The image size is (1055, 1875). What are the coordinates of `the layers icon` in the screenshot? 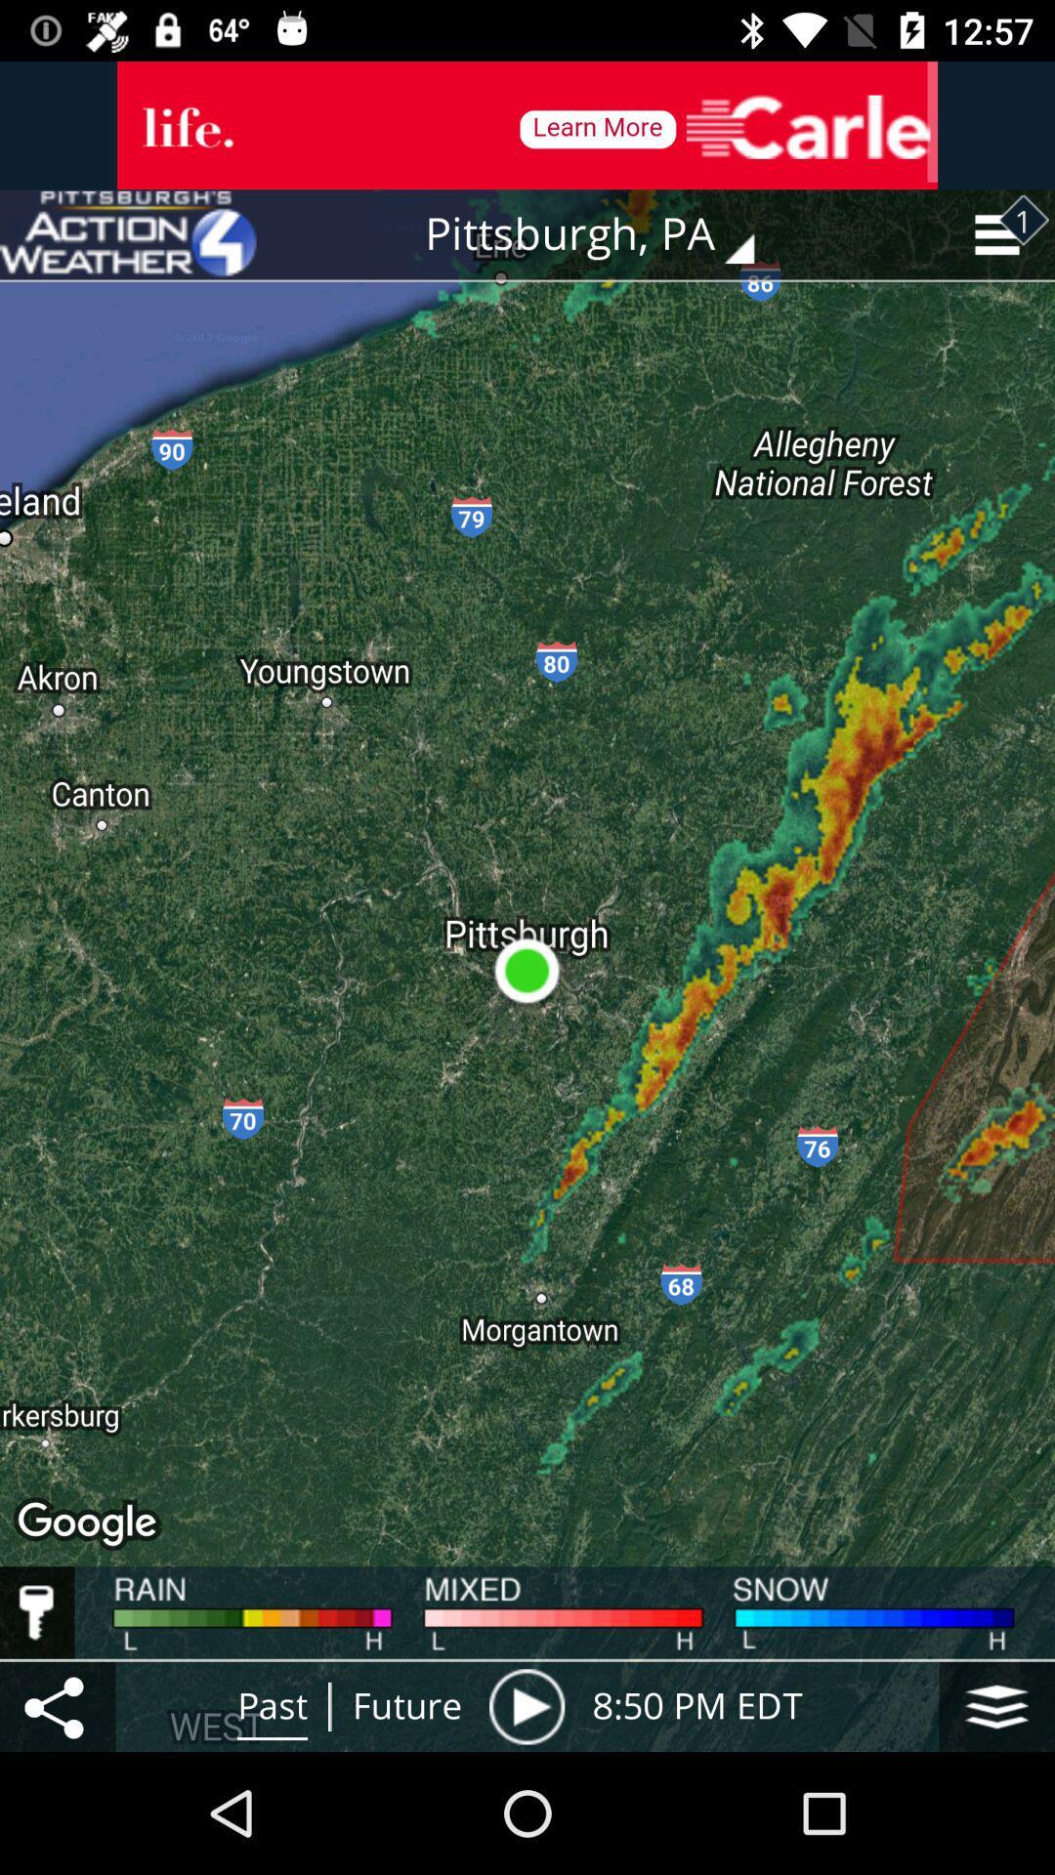 It's located at (996, 1705).